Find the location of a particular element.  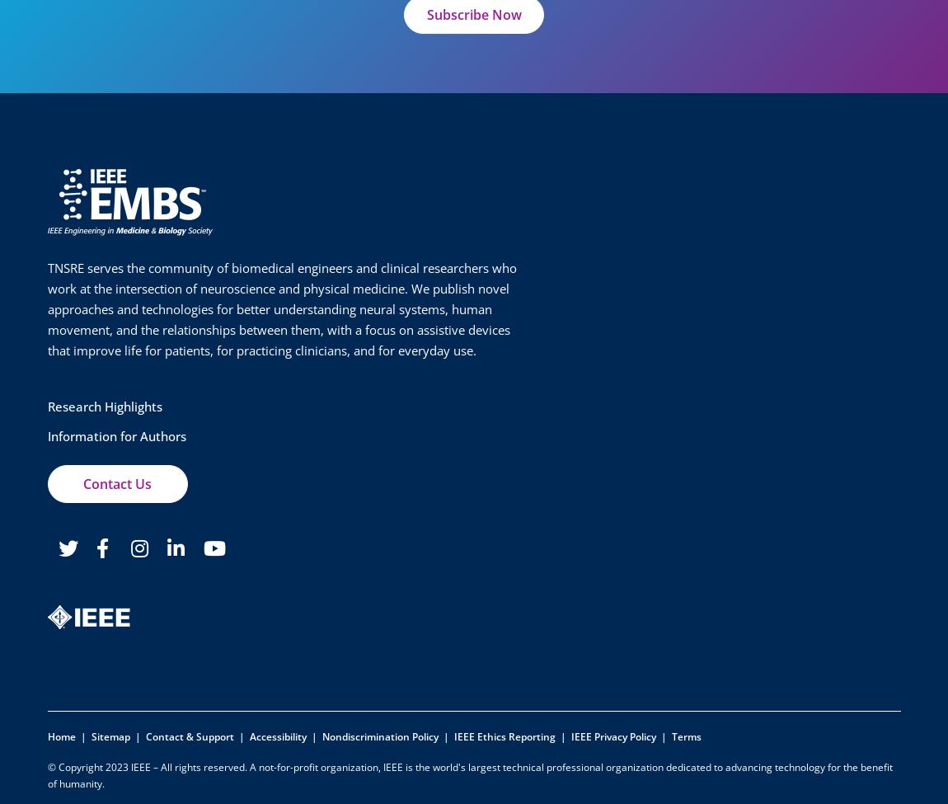

'2023 IEEE – All rights reserved. A not-for-profit organization, IEEE is the world's largest technical professional organization dedicated to advancing technology for the benefit of humanity.' is located at coordinates (469, 774).